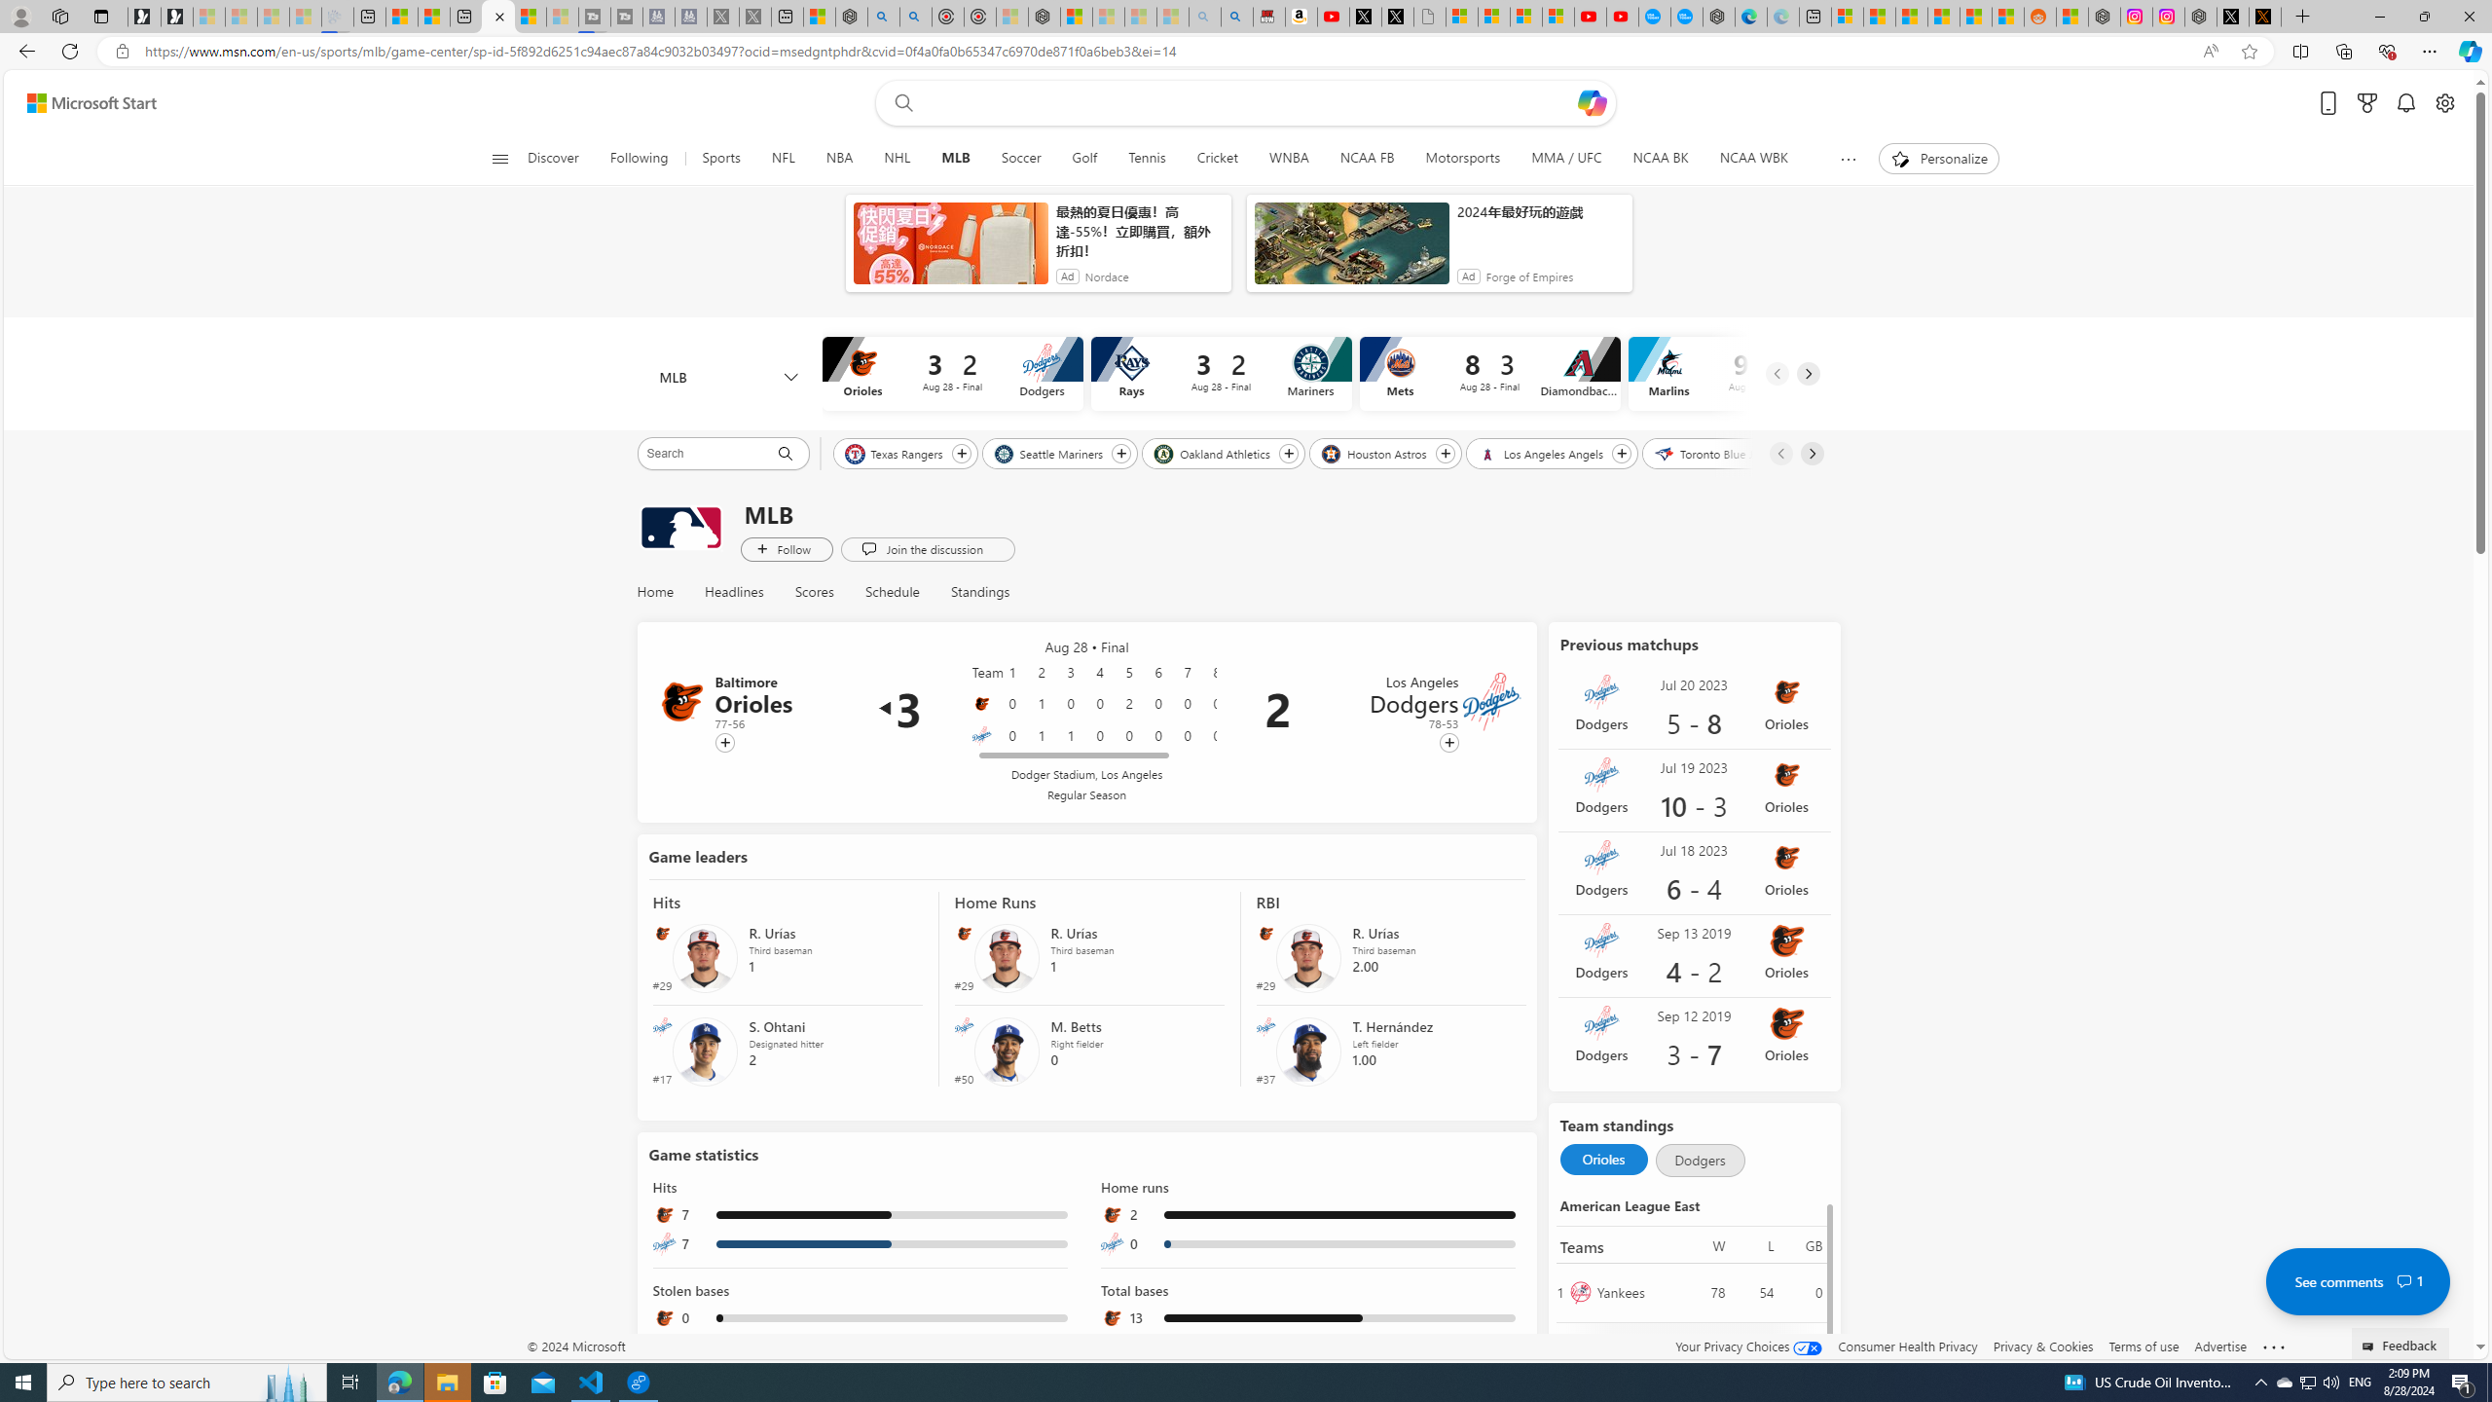 This screenshot has width=2492, height=1402. Describe the element at coordinates (1660, 158) in the screenshot. I see `'NCAA BK'` at that location.